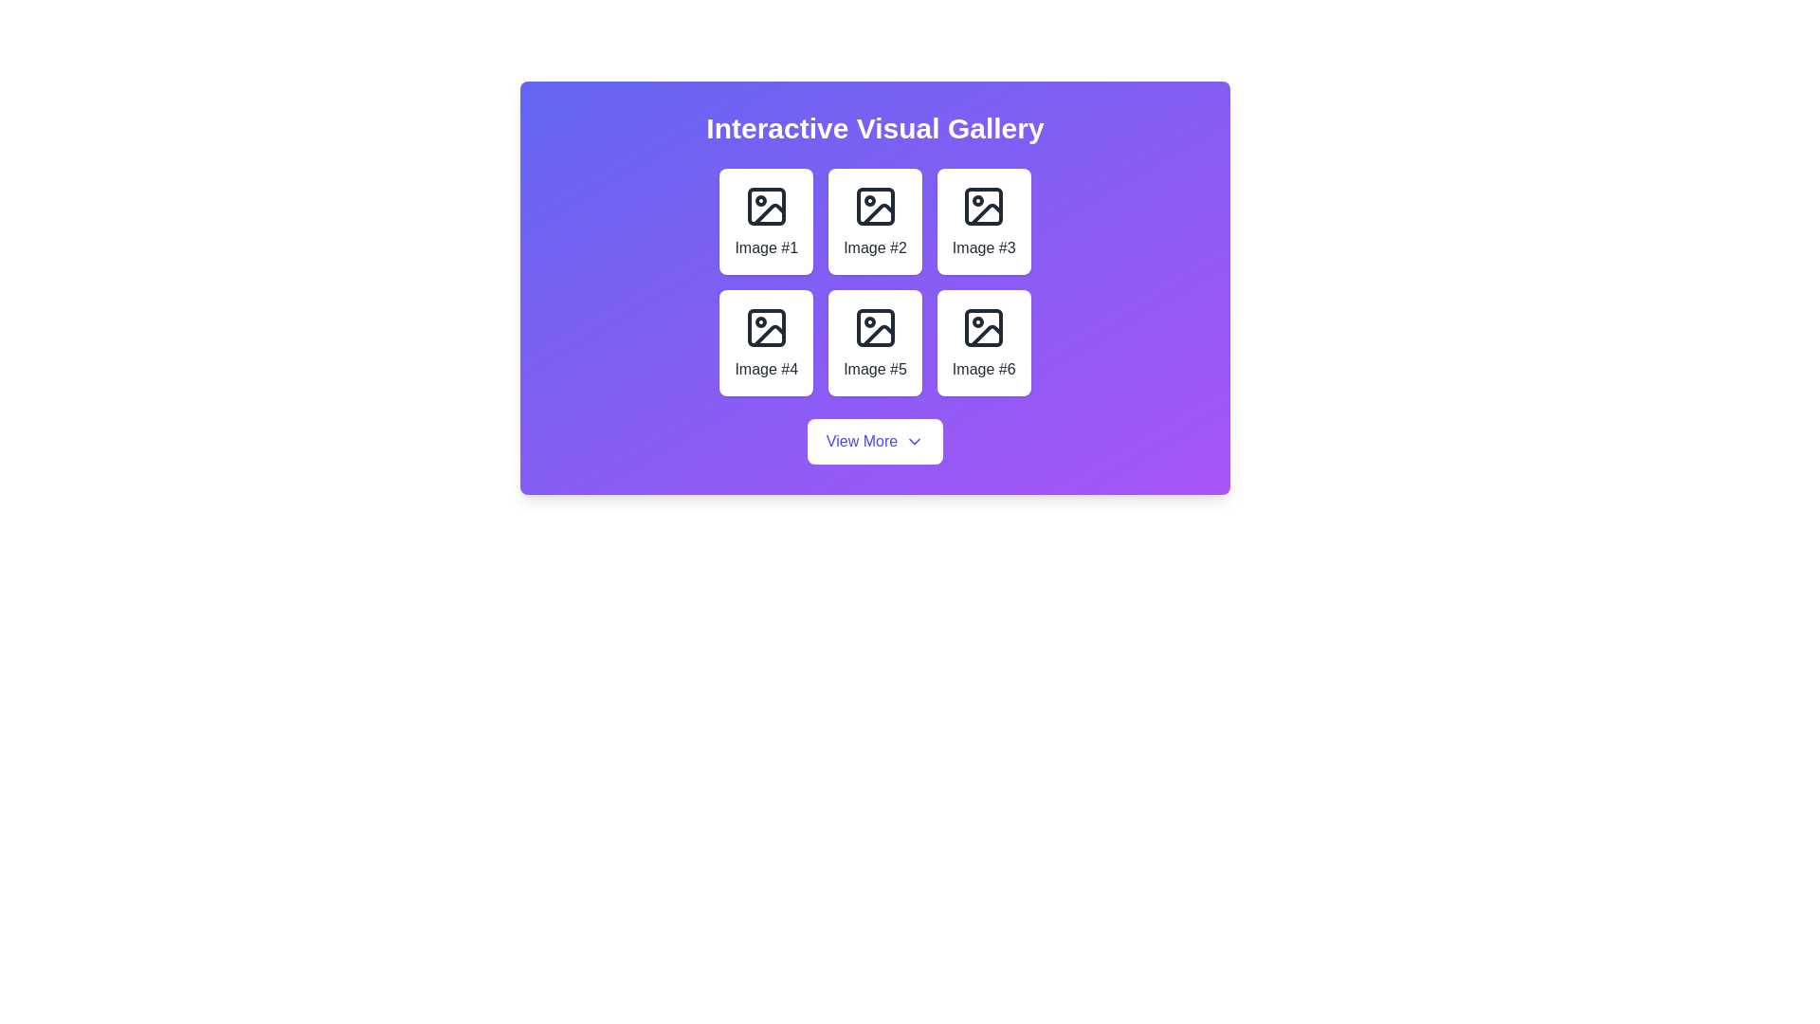 The image size is (1820, 1024). Describe the element at coordinates (766, 221) in the screenshot. I see `the interactive card or panel displaying 'Image #1', located at the top-left corner of a 3x2 grid layout` at that location.